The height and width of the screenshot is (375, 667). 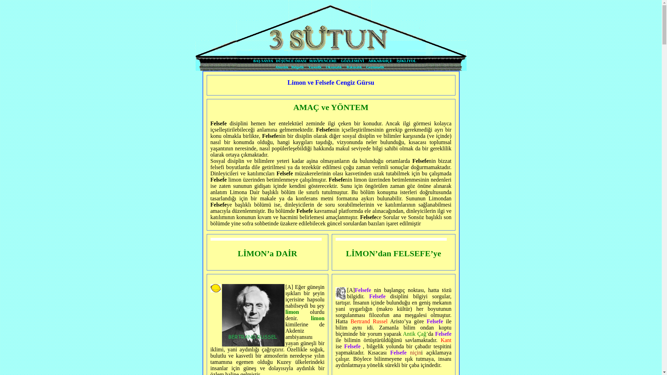 I want to click on 'Gezinmelik', so click(x=375, y=67).